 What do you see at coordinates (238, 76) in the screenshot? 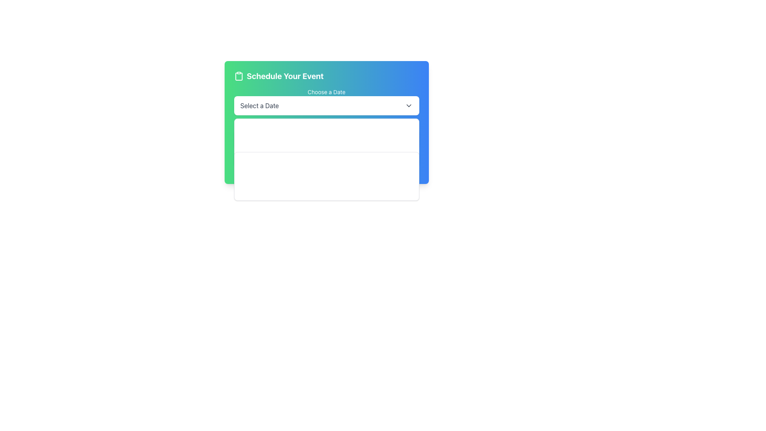
I see `the icon representing the purpose of the section 'Schedule Your Event', which is positioned at the top-left of the header area` at bounding box center [238, 76].